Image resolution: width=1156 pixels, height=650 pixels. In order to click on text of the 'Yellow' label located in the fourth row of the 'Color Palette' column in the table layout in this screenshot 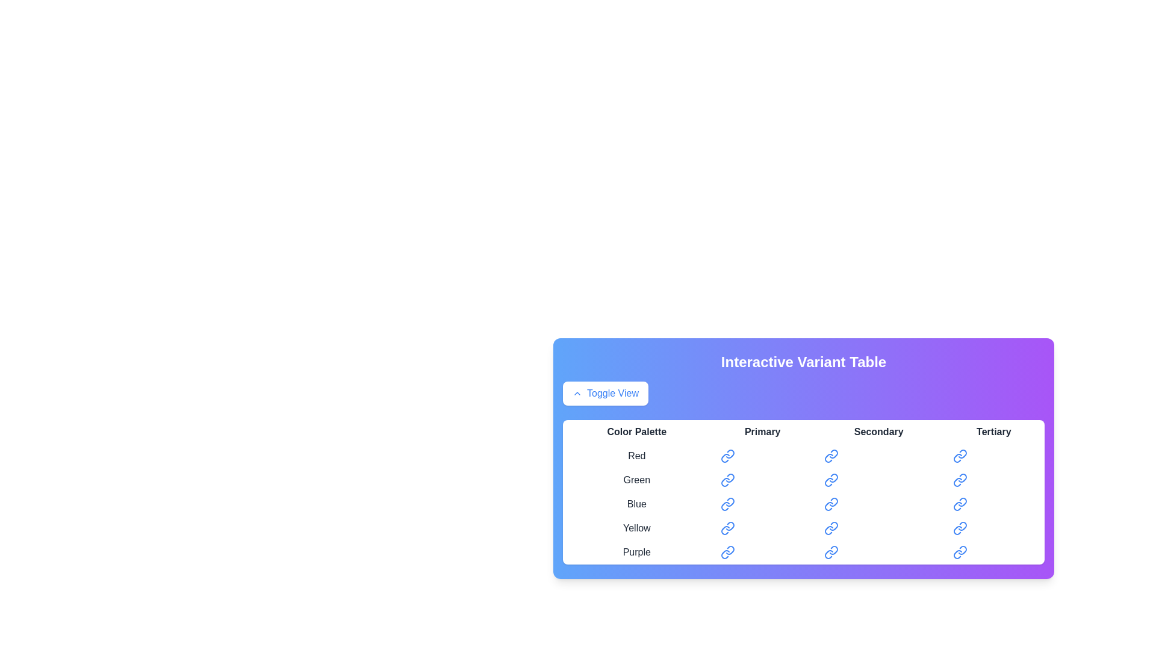, I will do `click(636, 528)`.